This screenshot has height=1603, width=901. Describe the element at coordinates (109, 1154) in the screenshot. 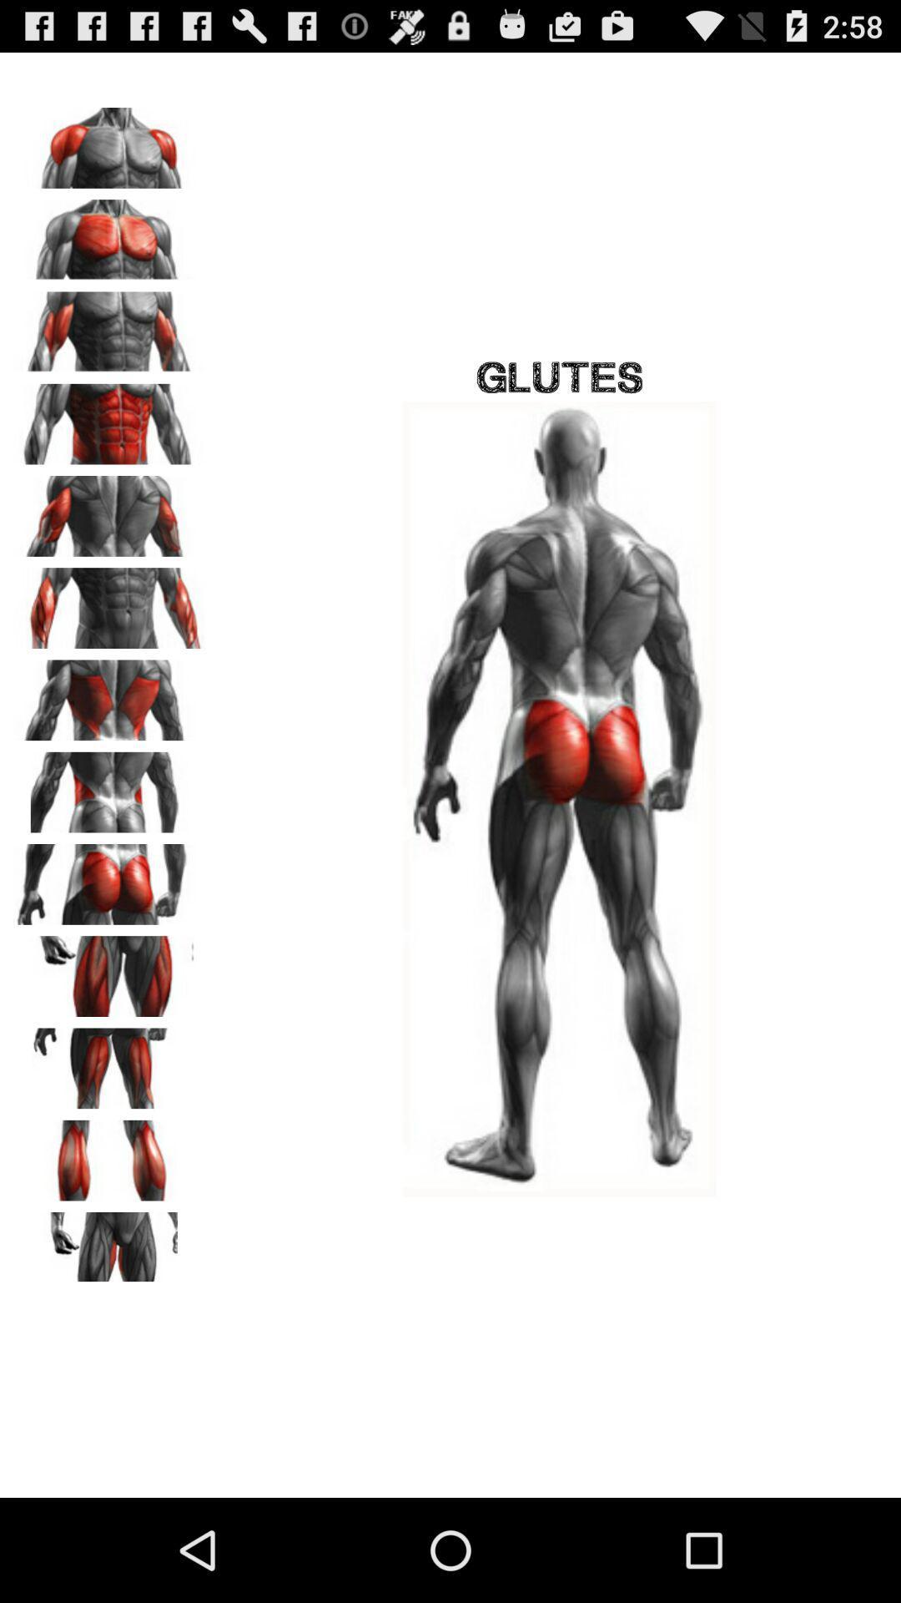

I see `show calf muscles` at that location.